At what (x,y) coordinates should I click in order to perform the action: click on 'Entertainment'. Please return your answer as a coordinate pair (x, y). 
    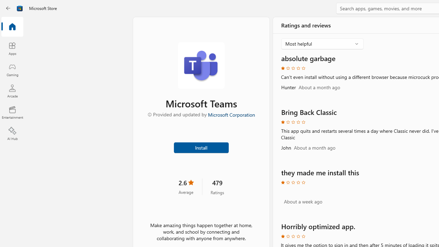
    Looking at the image, I should click on (12, 112).